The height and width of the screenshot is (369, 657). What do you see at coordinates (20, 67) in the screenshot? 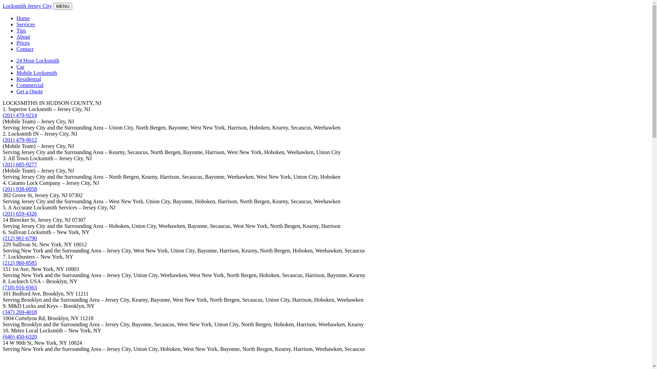
I see `'Car'` at bounding box center [20, 67].